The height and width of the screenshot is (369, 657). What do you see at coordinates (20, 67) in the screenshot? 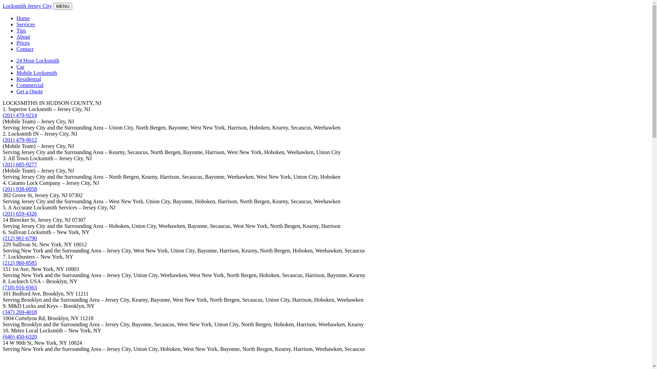
I see `'Car'` at bounding box center [20, 67].